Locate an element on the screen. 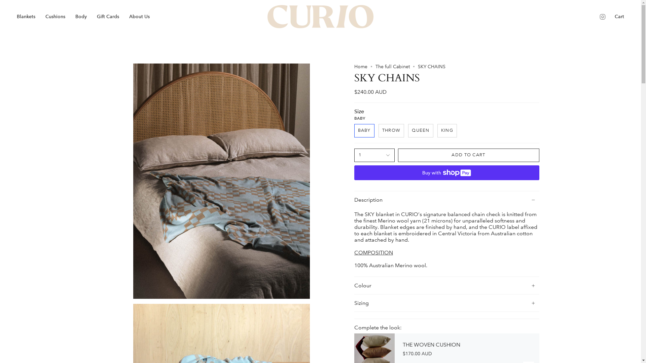 This screenshot has height=363, width=646. 'Blankets' is located at coordinates (26, 16).